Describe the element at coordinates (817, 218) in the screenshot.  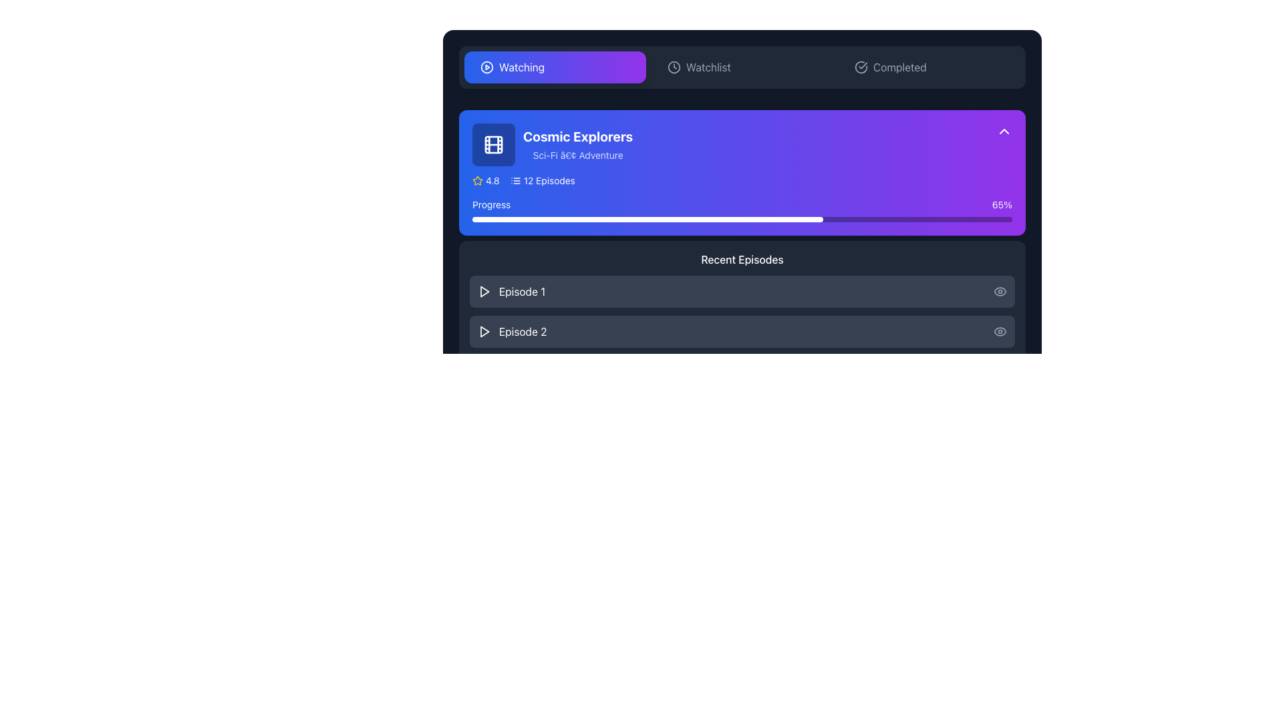
I see `progress bar` at that location.